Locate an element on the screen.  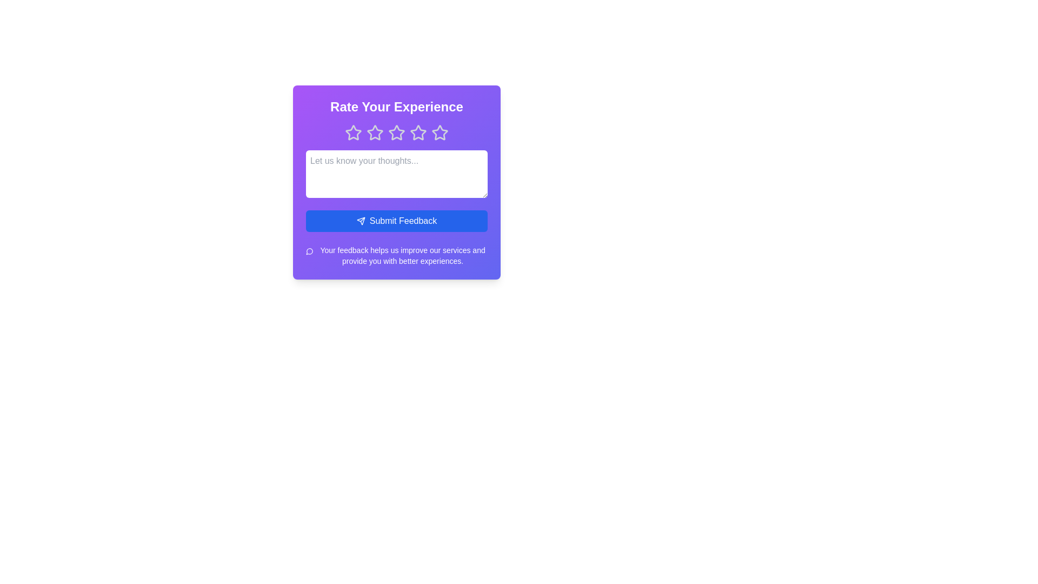
the fourth star is located at coordinates (417, 132).